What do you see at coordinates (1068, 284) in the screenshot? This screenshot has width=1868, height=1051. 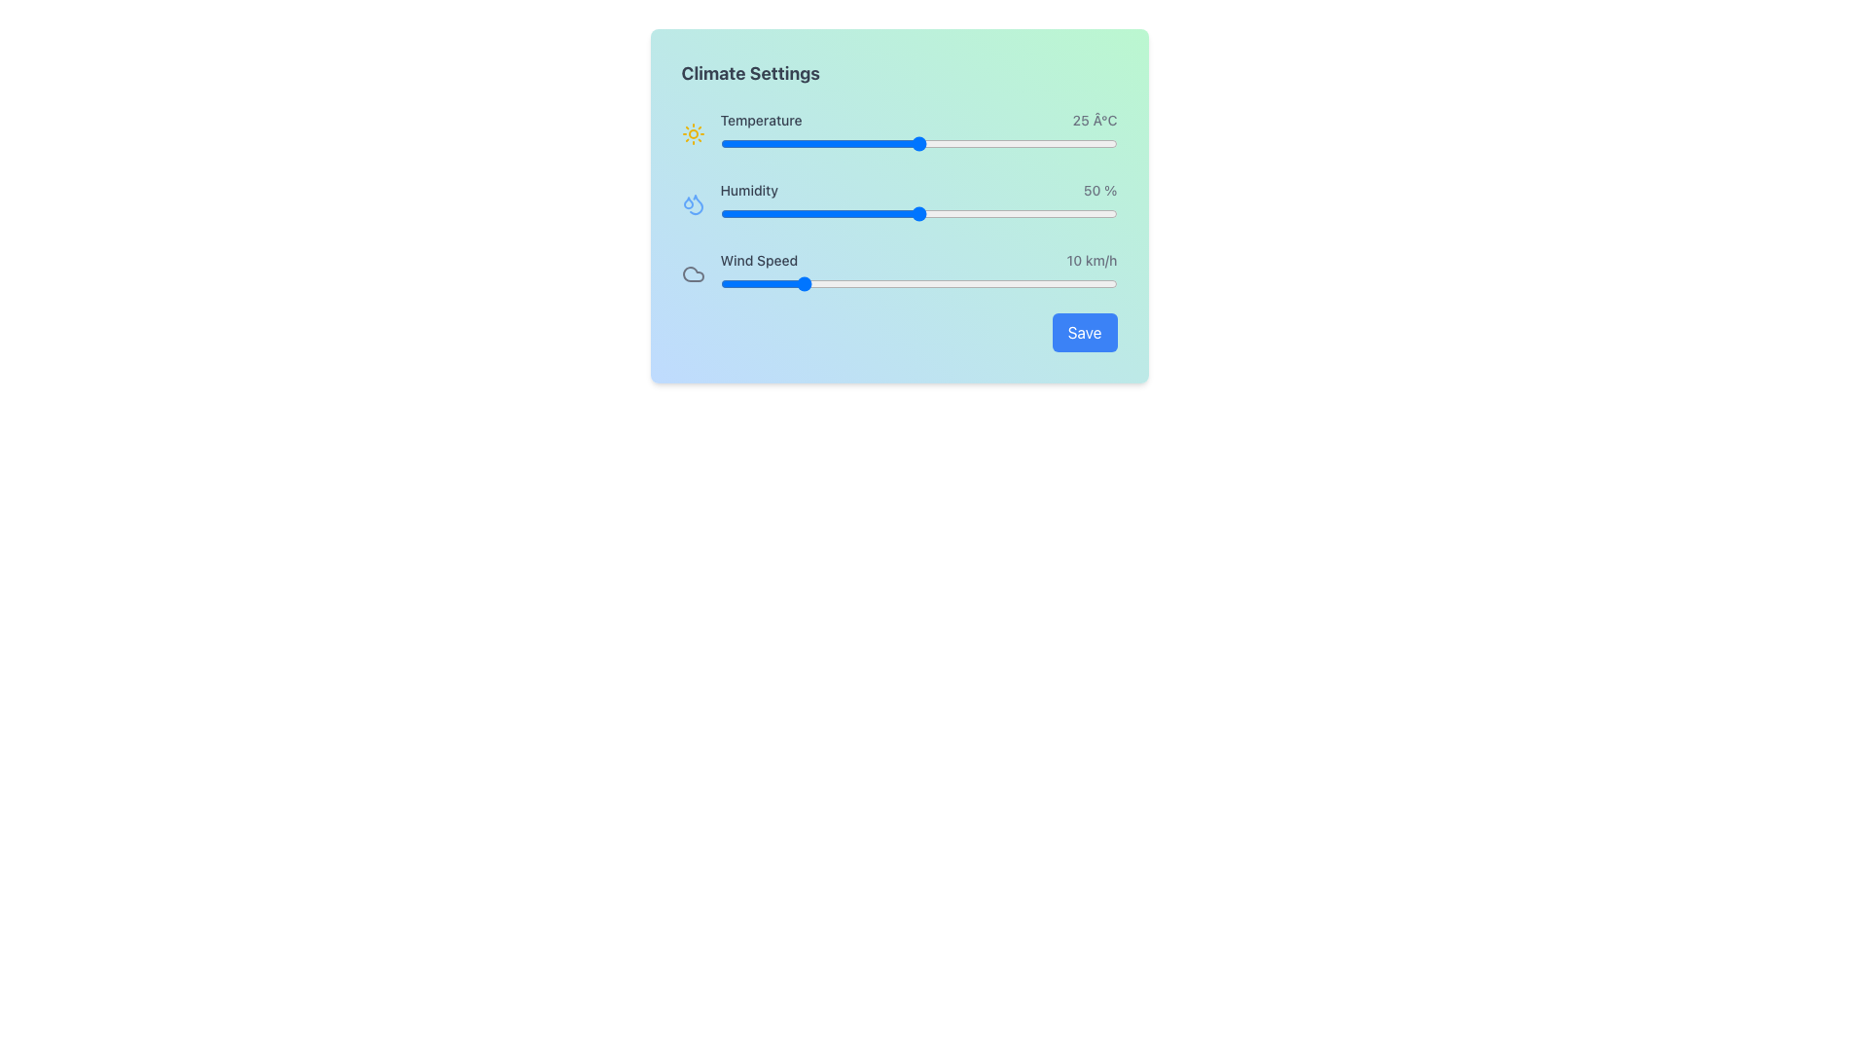 I see `wind speed` at bounding box center [1068, 284].